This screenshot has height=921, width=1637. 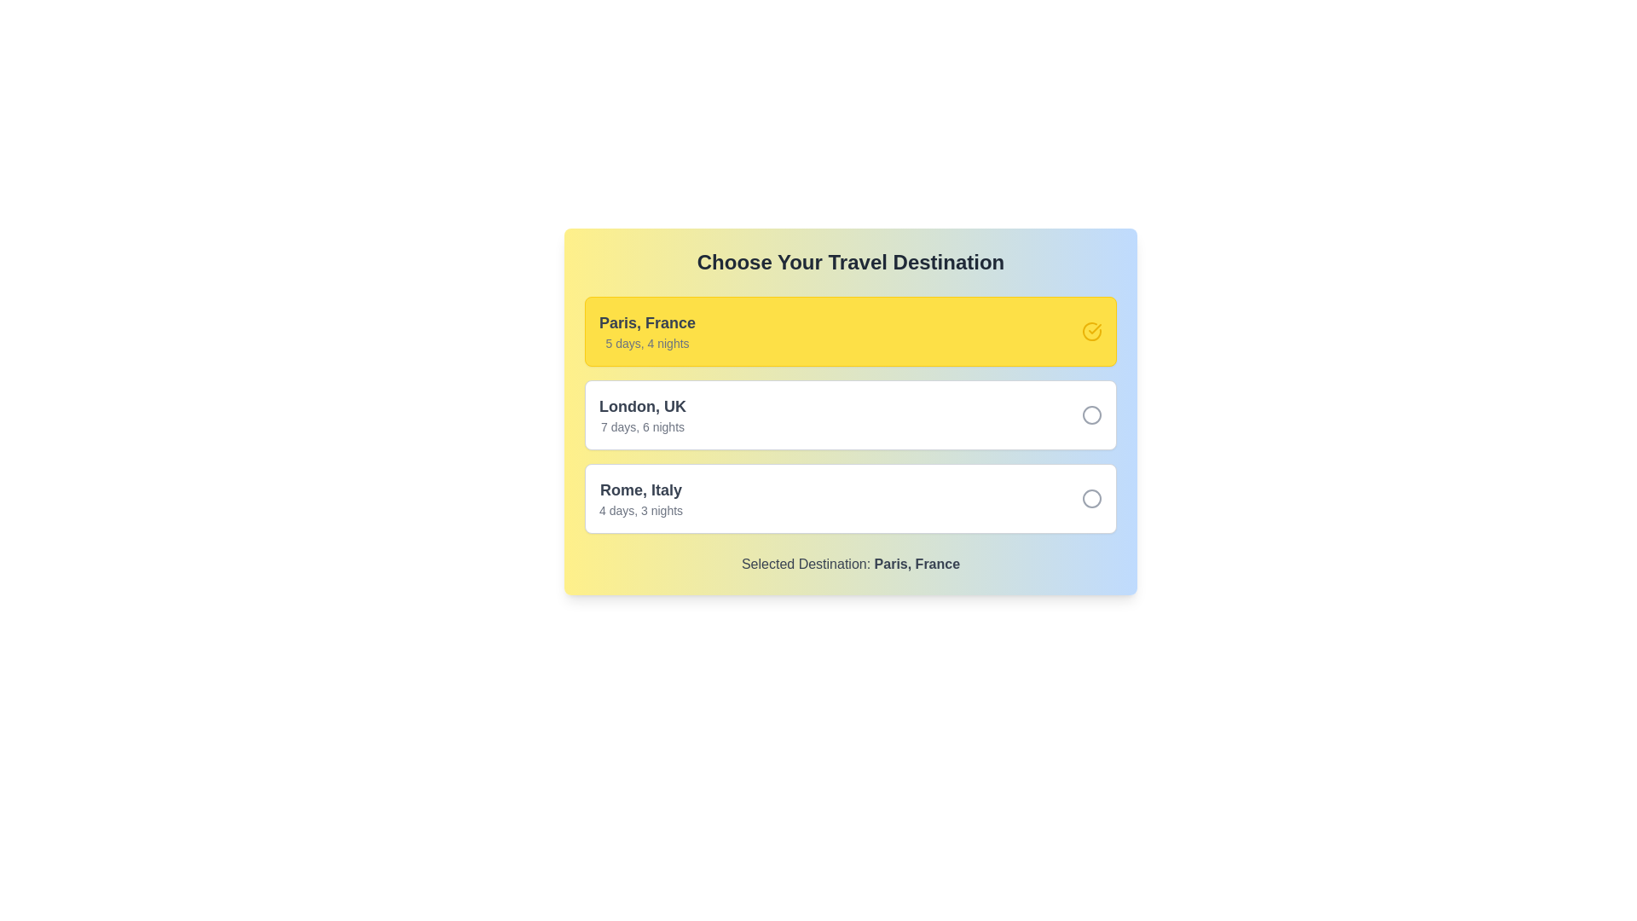 I want to click on the text label displaying '7 days, 6 nights' located under the label 'London, UK' within the travel destination options box, so click(x=641, y=426).